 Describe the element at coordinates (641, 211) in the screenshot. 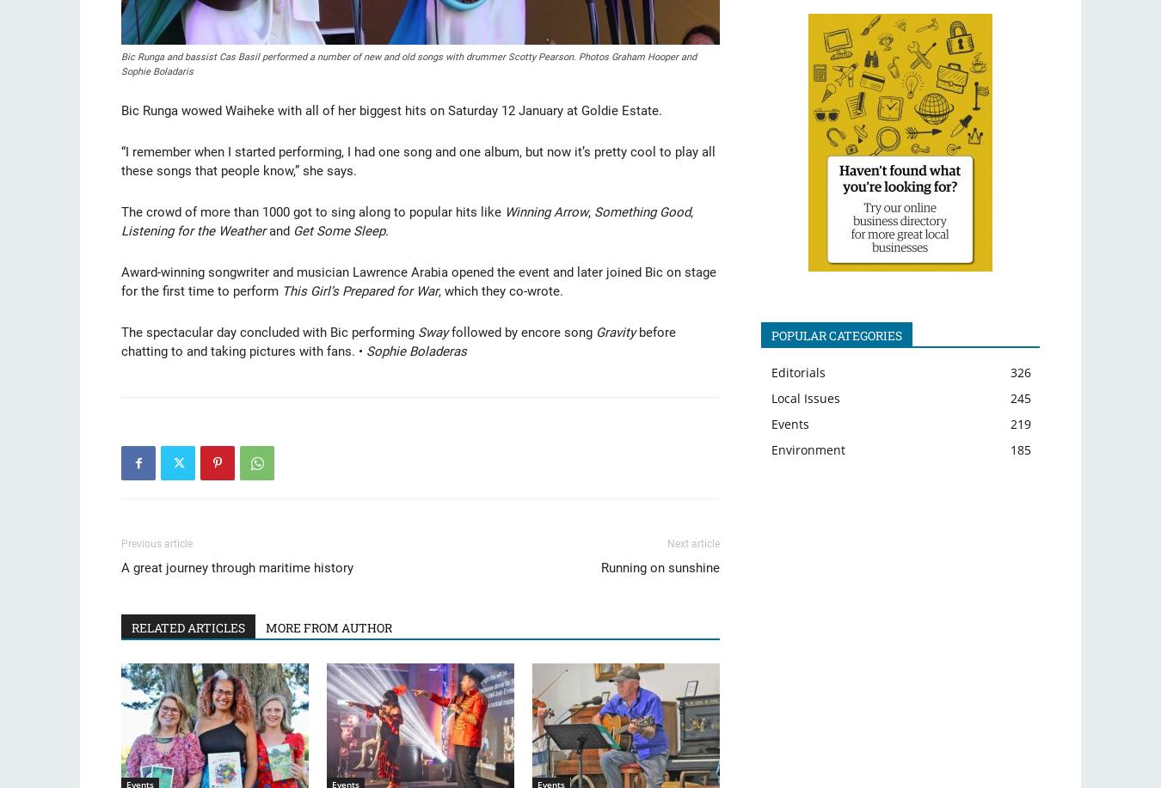

I see `'Something Good'` at that location.